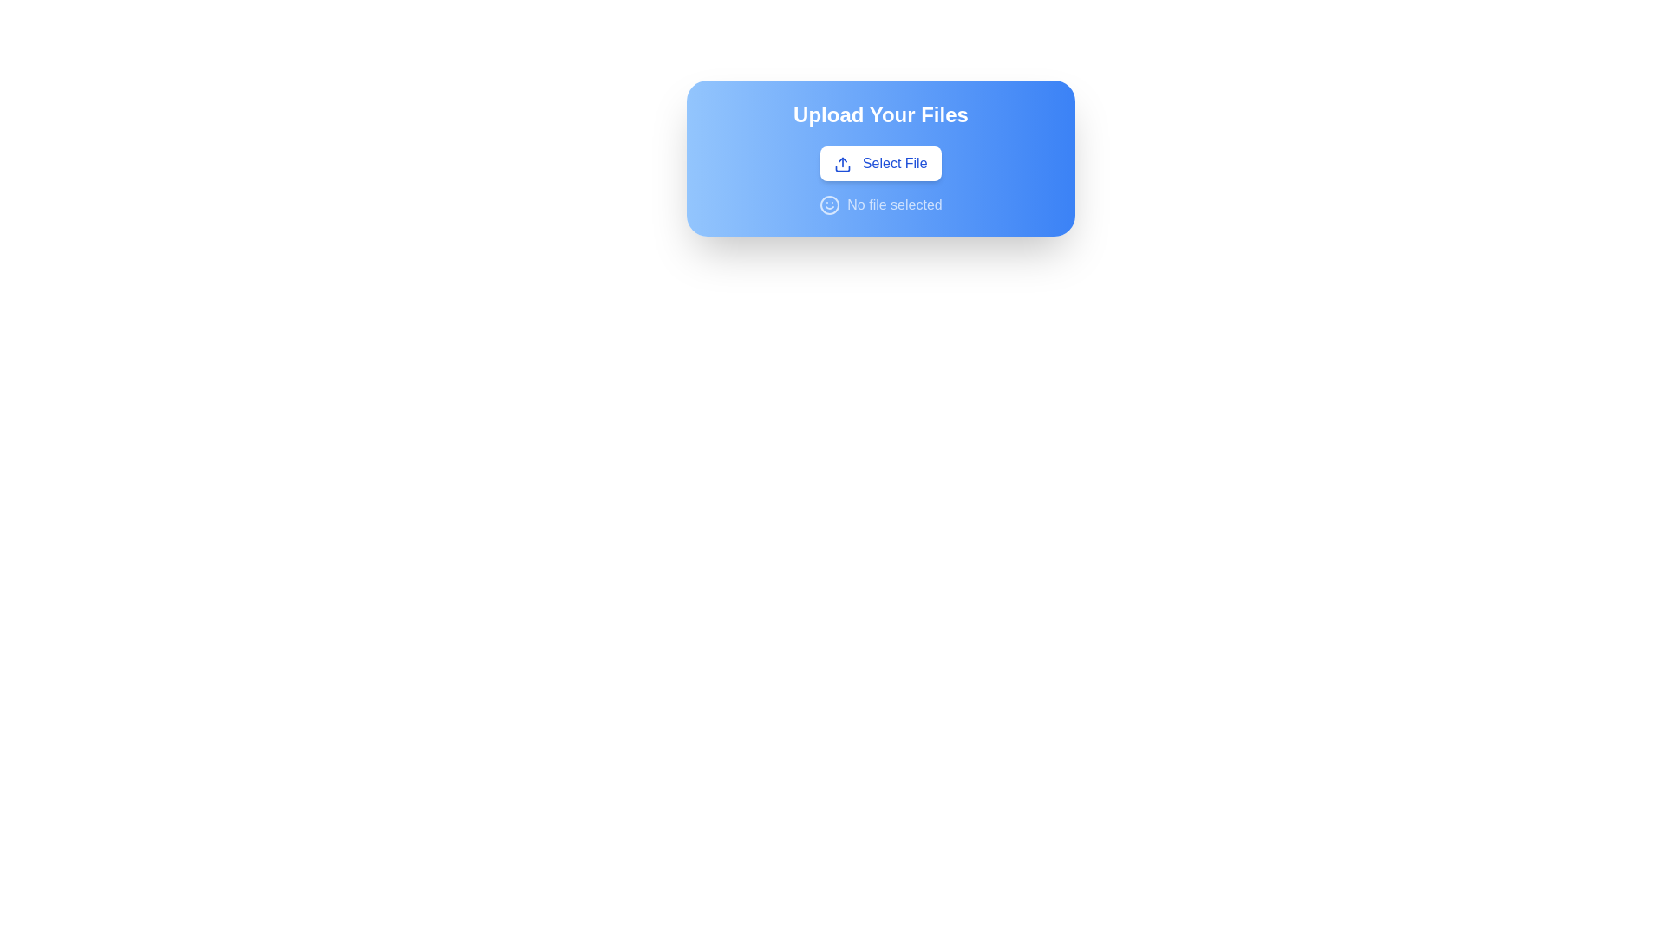 The height and width of the screenshot is (936, 1665). What do you see at coordinates (881, 164) in the screenshot?
I see `the 'Select File' button with a white background and blue text` at bounding box center [881, 164].